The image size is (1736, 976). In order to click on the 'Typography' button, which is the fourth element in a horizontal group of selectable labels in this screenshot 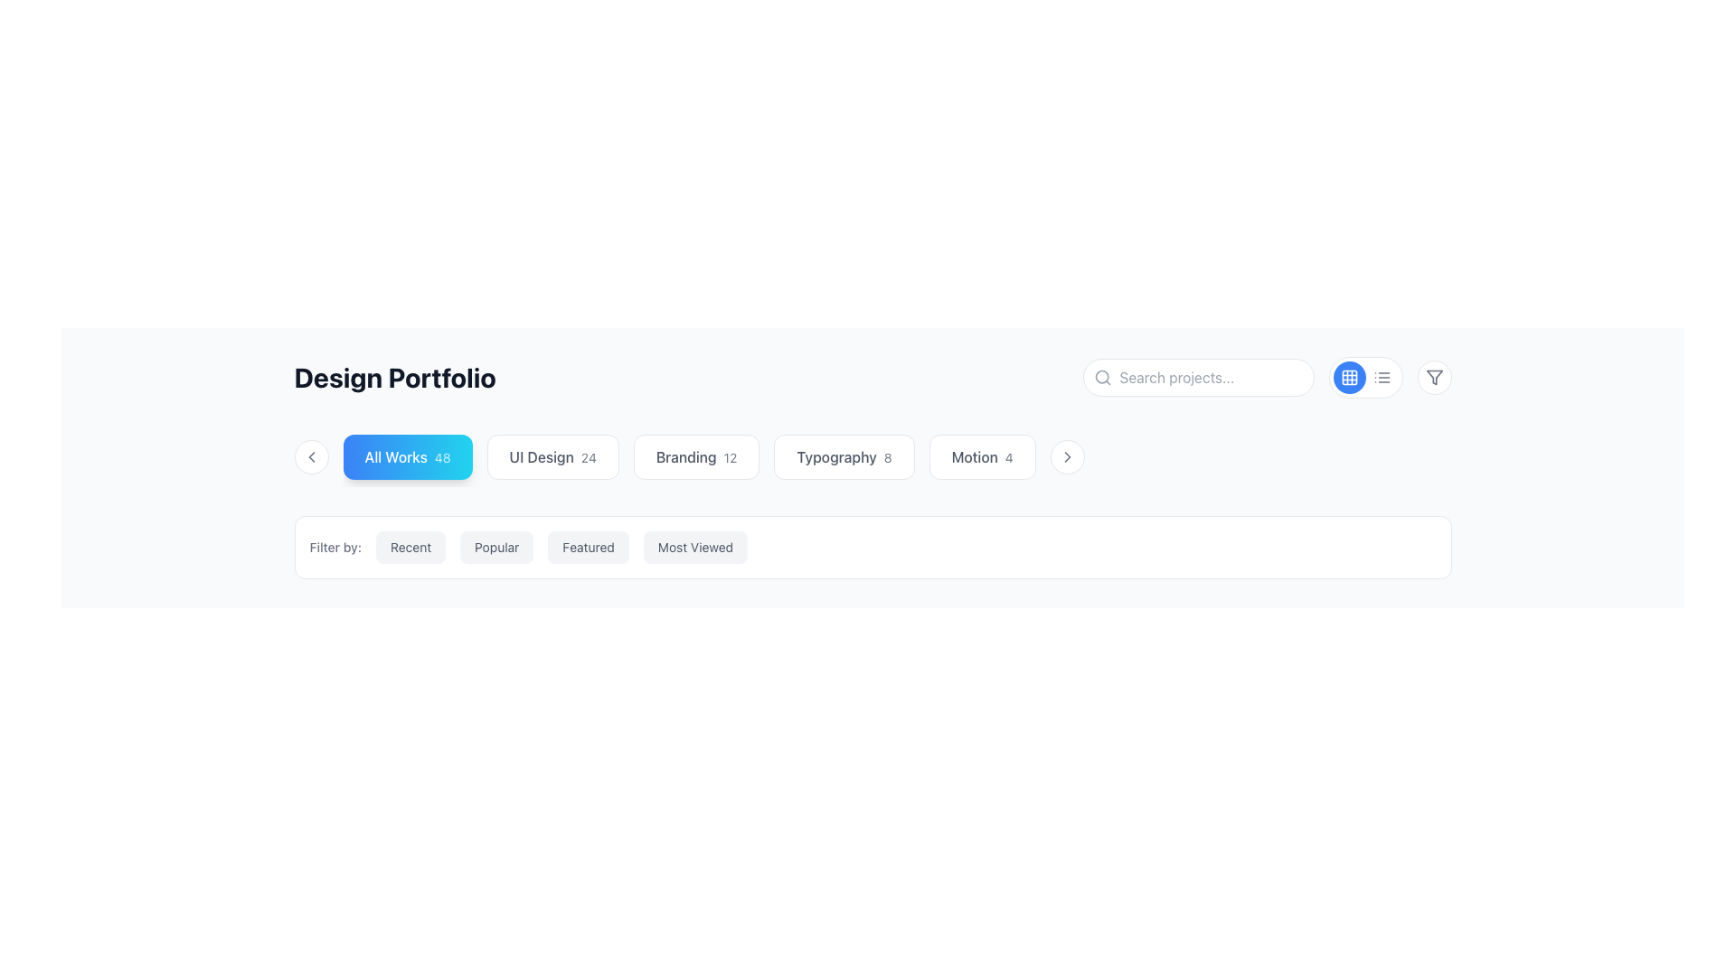, I will do `click(873, 455)`.